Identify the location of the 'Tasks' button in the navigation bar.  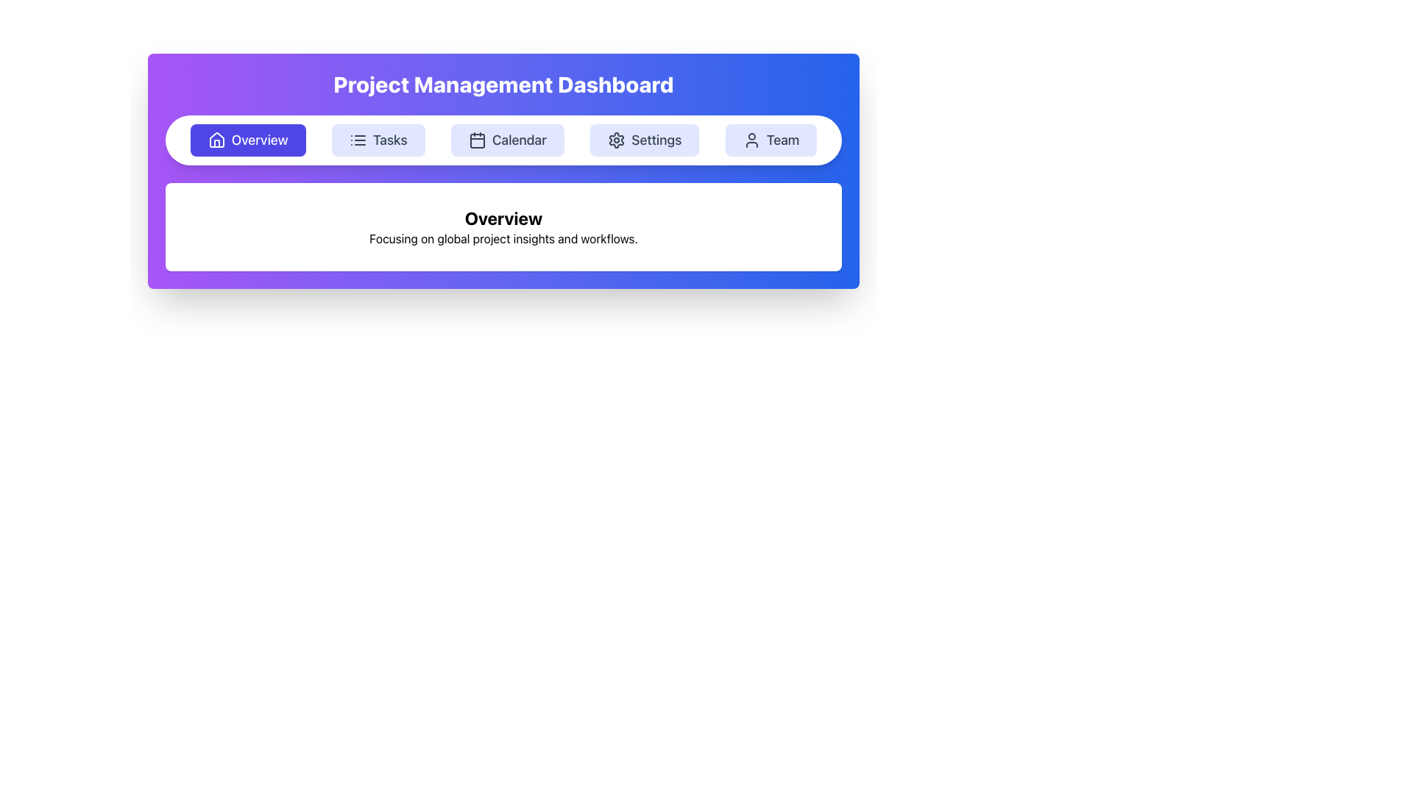
(378, 140).